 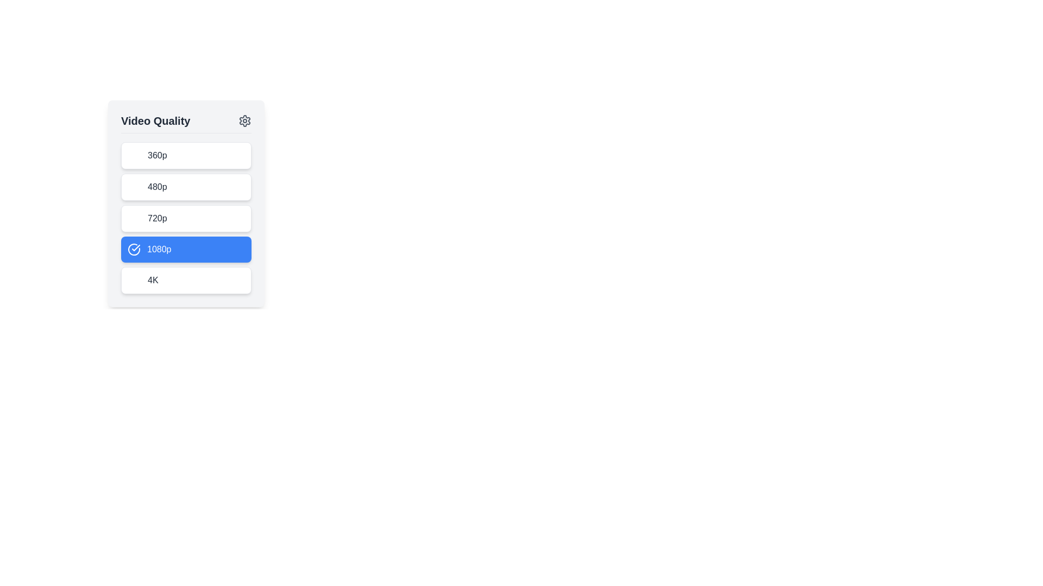 I want to click on header text labeled 'Video Quality', which is styled with bold, large font and features a settings icon to its right, so click(x=186, y=123).